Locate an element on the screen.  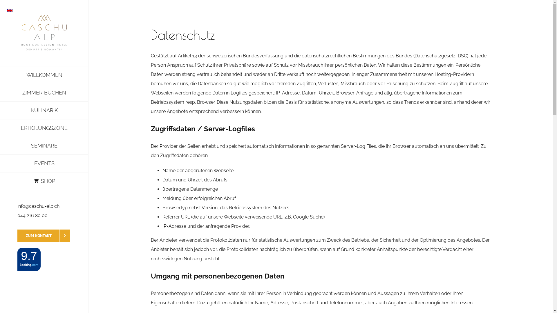
'EVENTS' is located at coordinates (44, 163).